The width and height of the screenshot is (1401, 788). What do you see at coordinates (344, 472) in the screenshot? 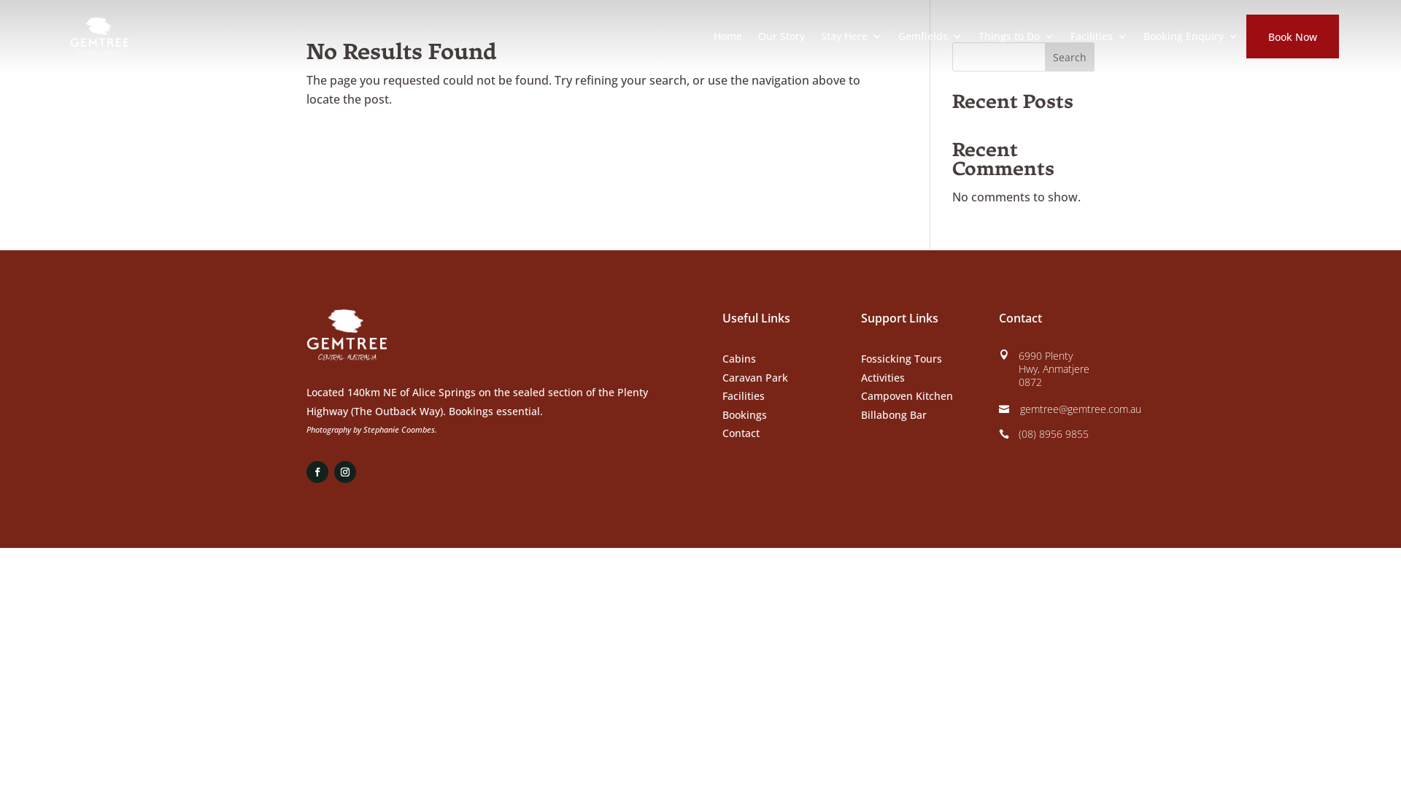
I see `'Follow on Instagram'` at bounding box center [344, 472].